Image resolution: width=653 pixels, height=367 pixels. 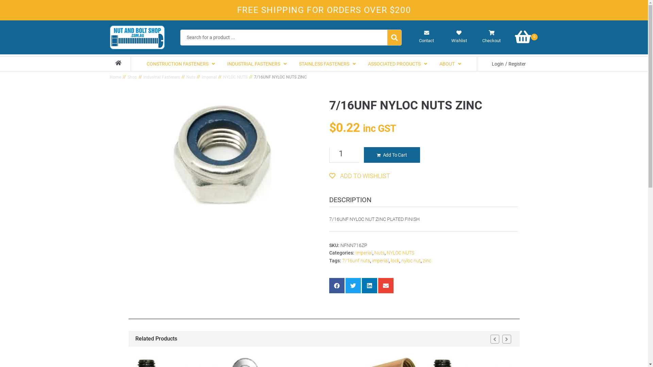 I want to click on 'STAINLESS FASTENERS', so click(x=292, y=64).